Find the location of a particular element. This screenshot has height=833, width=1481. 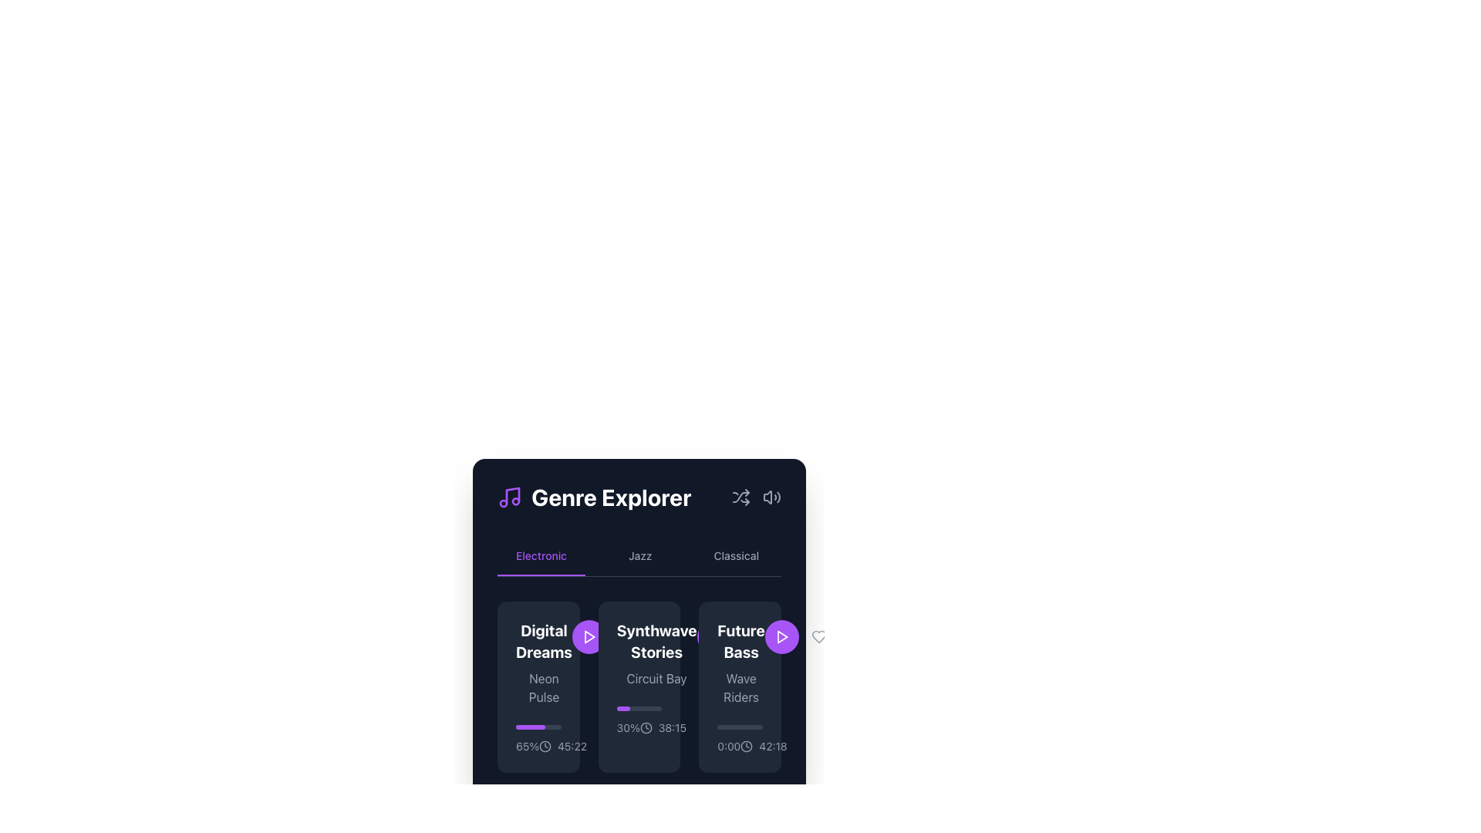

the text label '38:15' with the accompanying analog clock icon, which is displayed on a card labeled 'Synthwave Stories' at the bottom, right-aligned next to a progress percentage value ('30%') is located at coordinates (663, 728).